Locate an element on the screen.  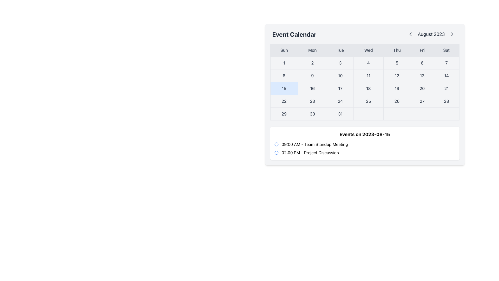
the clickable calendar date box component representing the date '7' in the top-right corner of the calendar interface for August 2023 is located at coordinates (446, 63).